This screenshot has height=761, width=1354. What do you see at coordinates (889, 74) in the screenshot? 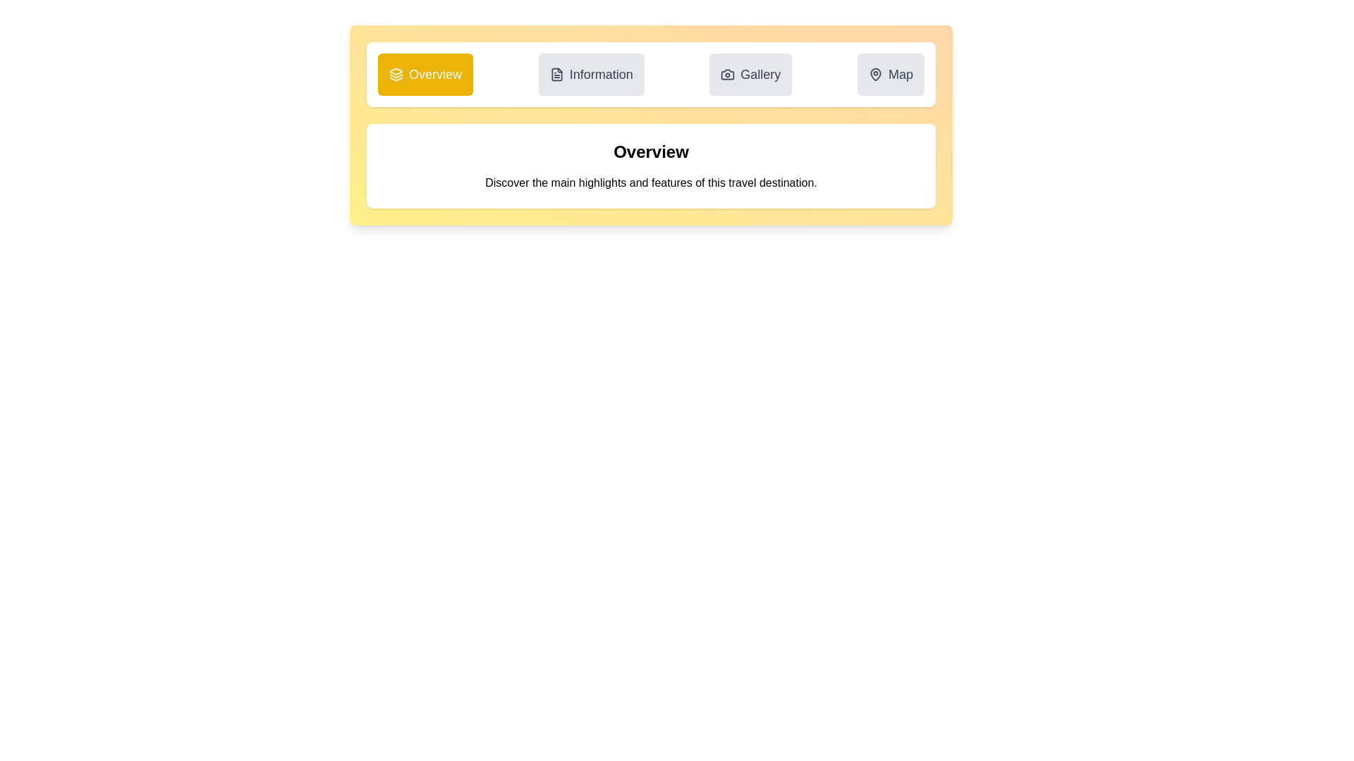
I see `the tab labeled Map to observe its hover effect` at bounding box center [889, 74].